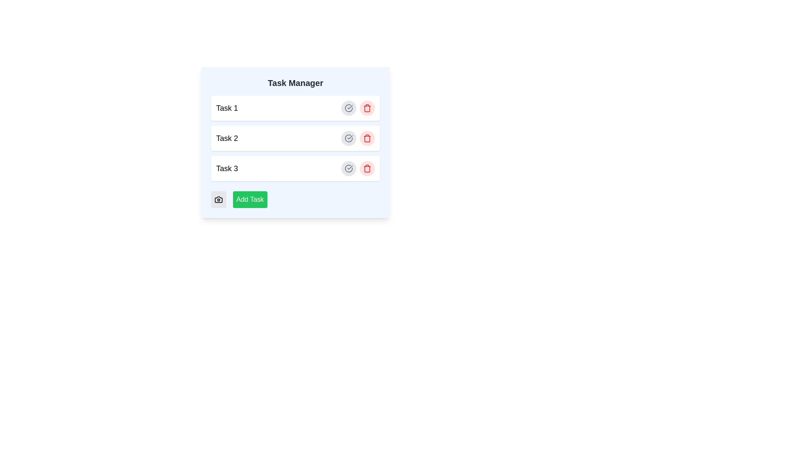  Describe the element at coordinates (348, 108) in the screenshot. I see `the circular checkmark icon on the right side of the 'Task 2' row` at that location.